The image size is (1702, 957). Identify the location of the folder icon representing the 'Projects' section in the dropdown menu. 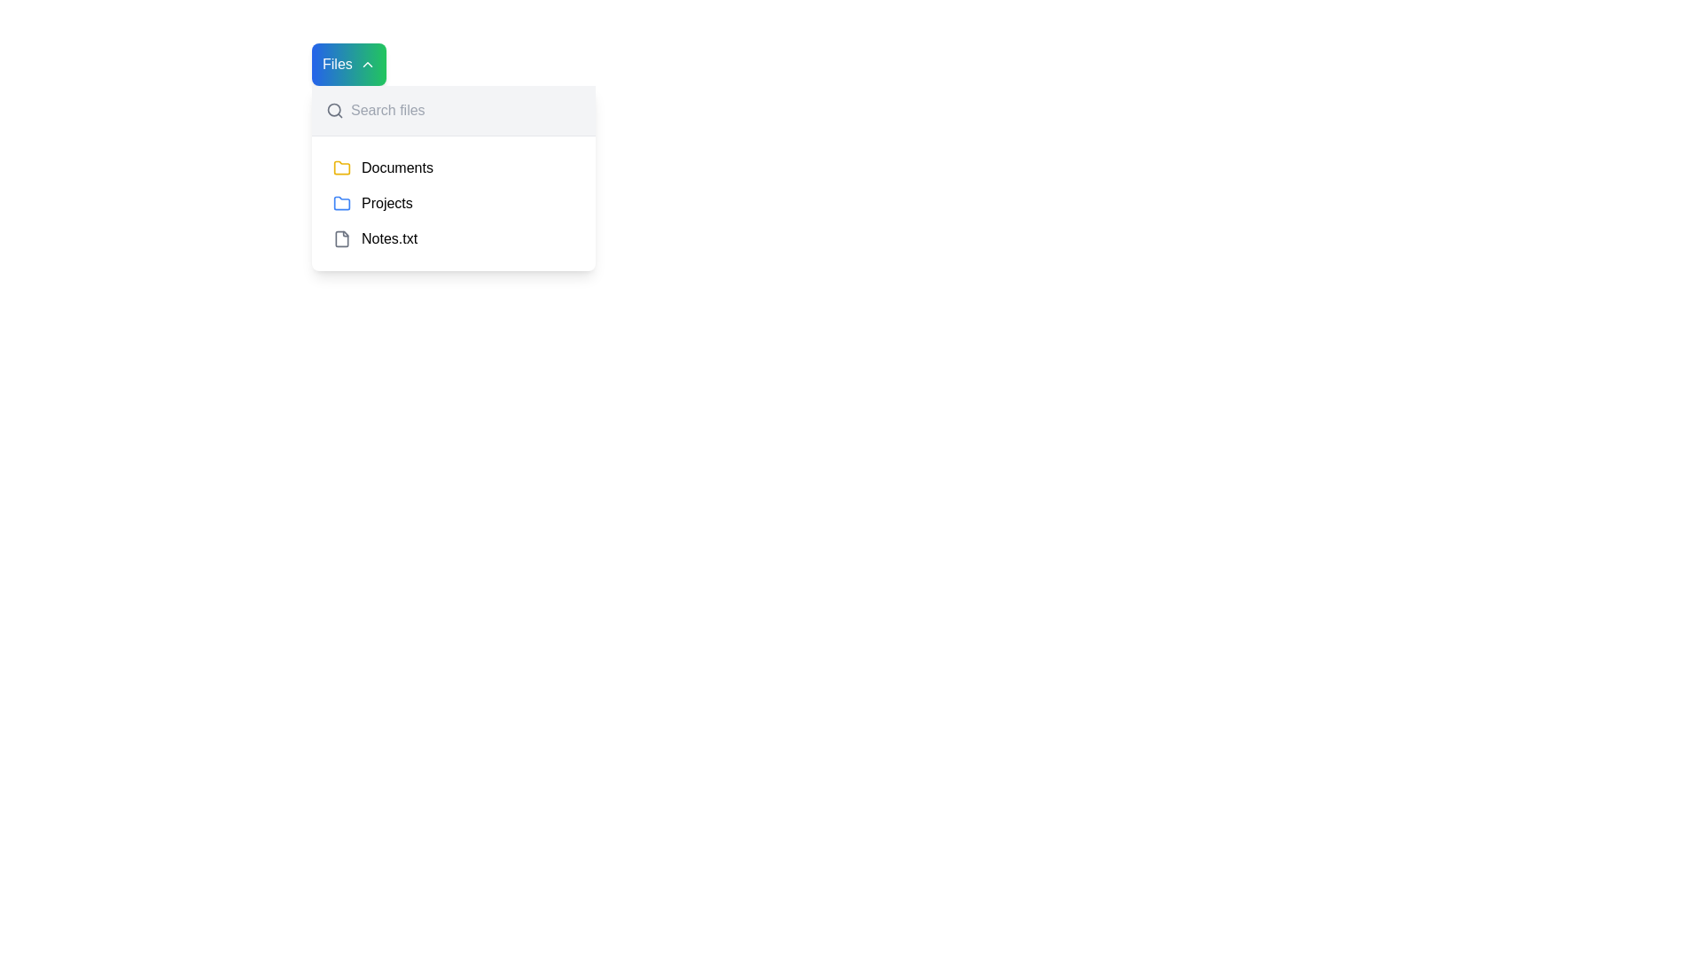
(341, 203).